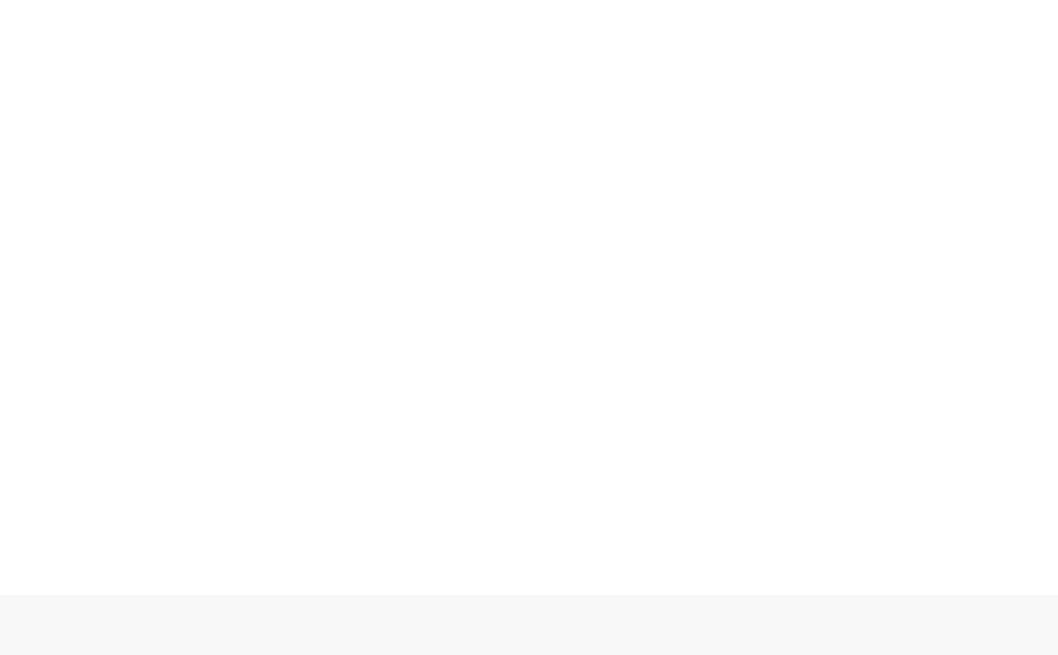 Image resolution: width=1058 pixels, height=655 pixels. I want to click on 'Twitter', so click(386, 140).